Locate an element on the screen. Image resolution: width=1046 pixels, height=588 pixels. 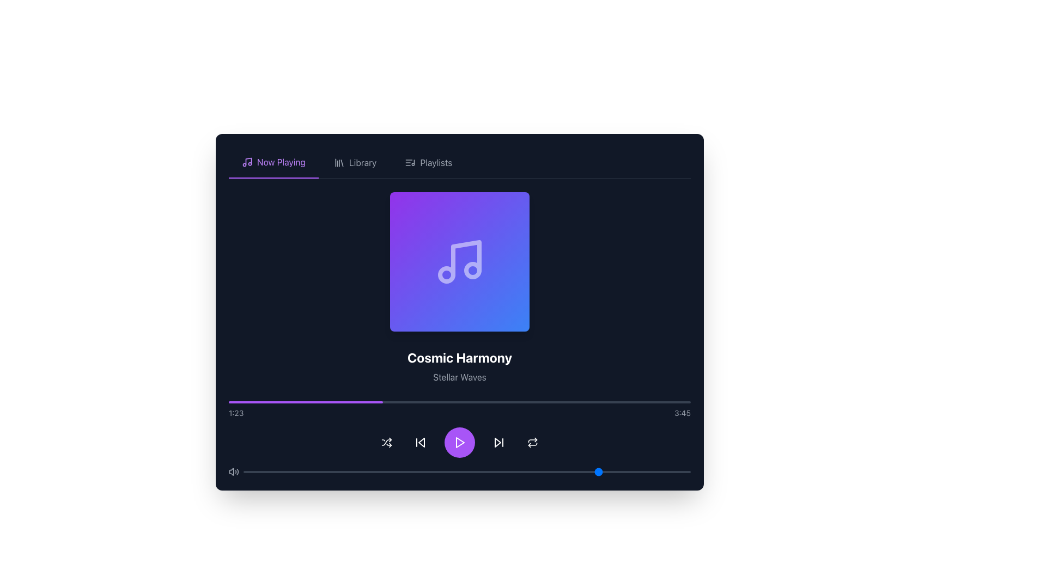
the repeat button, which is represented by a loop icon of two arrows in the playback controls section is located at coordinates (533, 443).